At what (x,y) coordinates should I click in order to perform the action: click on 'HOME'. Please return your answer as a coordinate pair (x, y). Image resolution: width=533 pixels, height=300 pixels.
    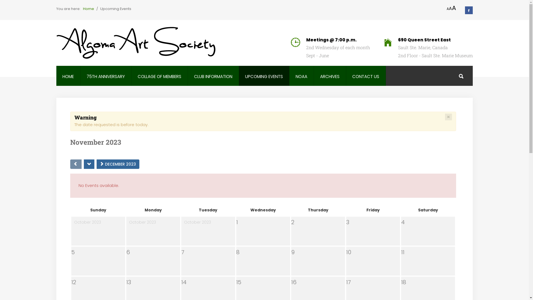
    Looking at the image, I should click on (62, 76).